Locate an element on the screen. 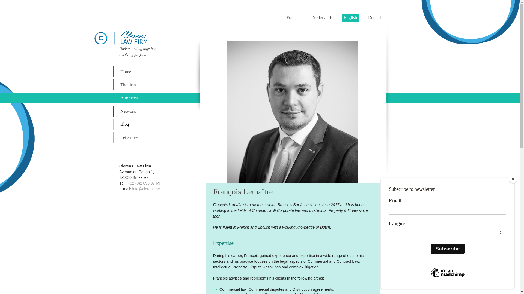 This screenshot has height=294, width=524. 'English' is located at coordinates (350, 17).